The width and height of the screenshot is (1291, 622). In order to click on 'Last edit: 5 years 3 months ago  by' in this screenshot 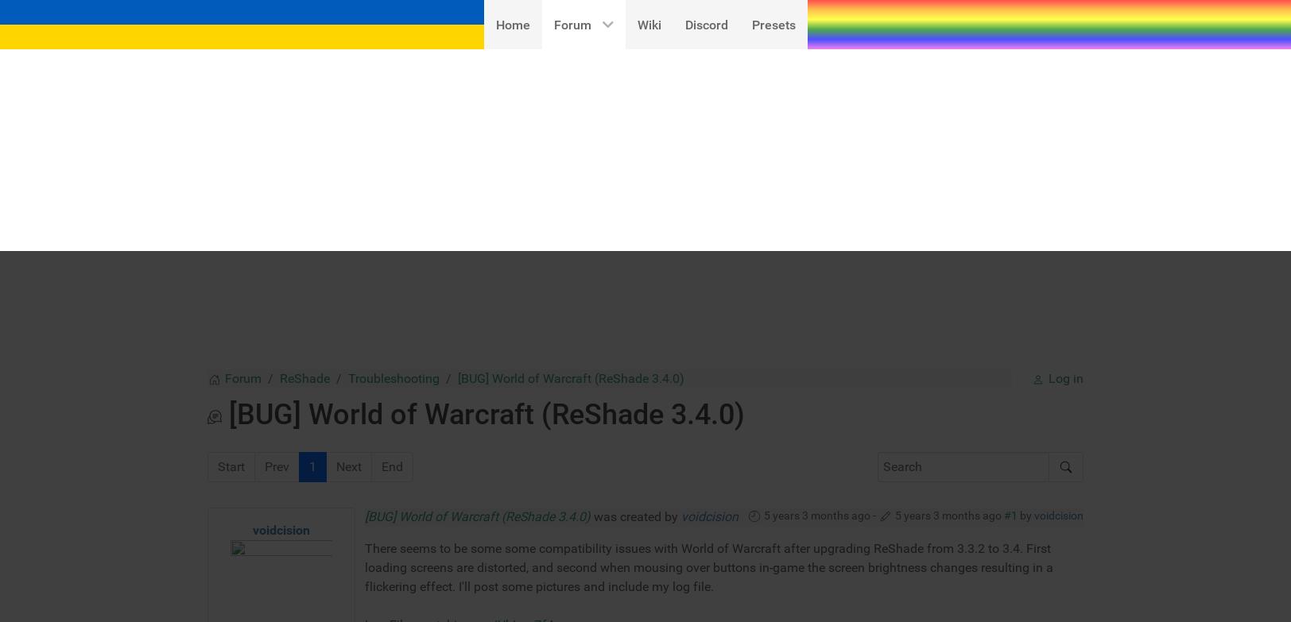, I will do `click(377, 570)`.